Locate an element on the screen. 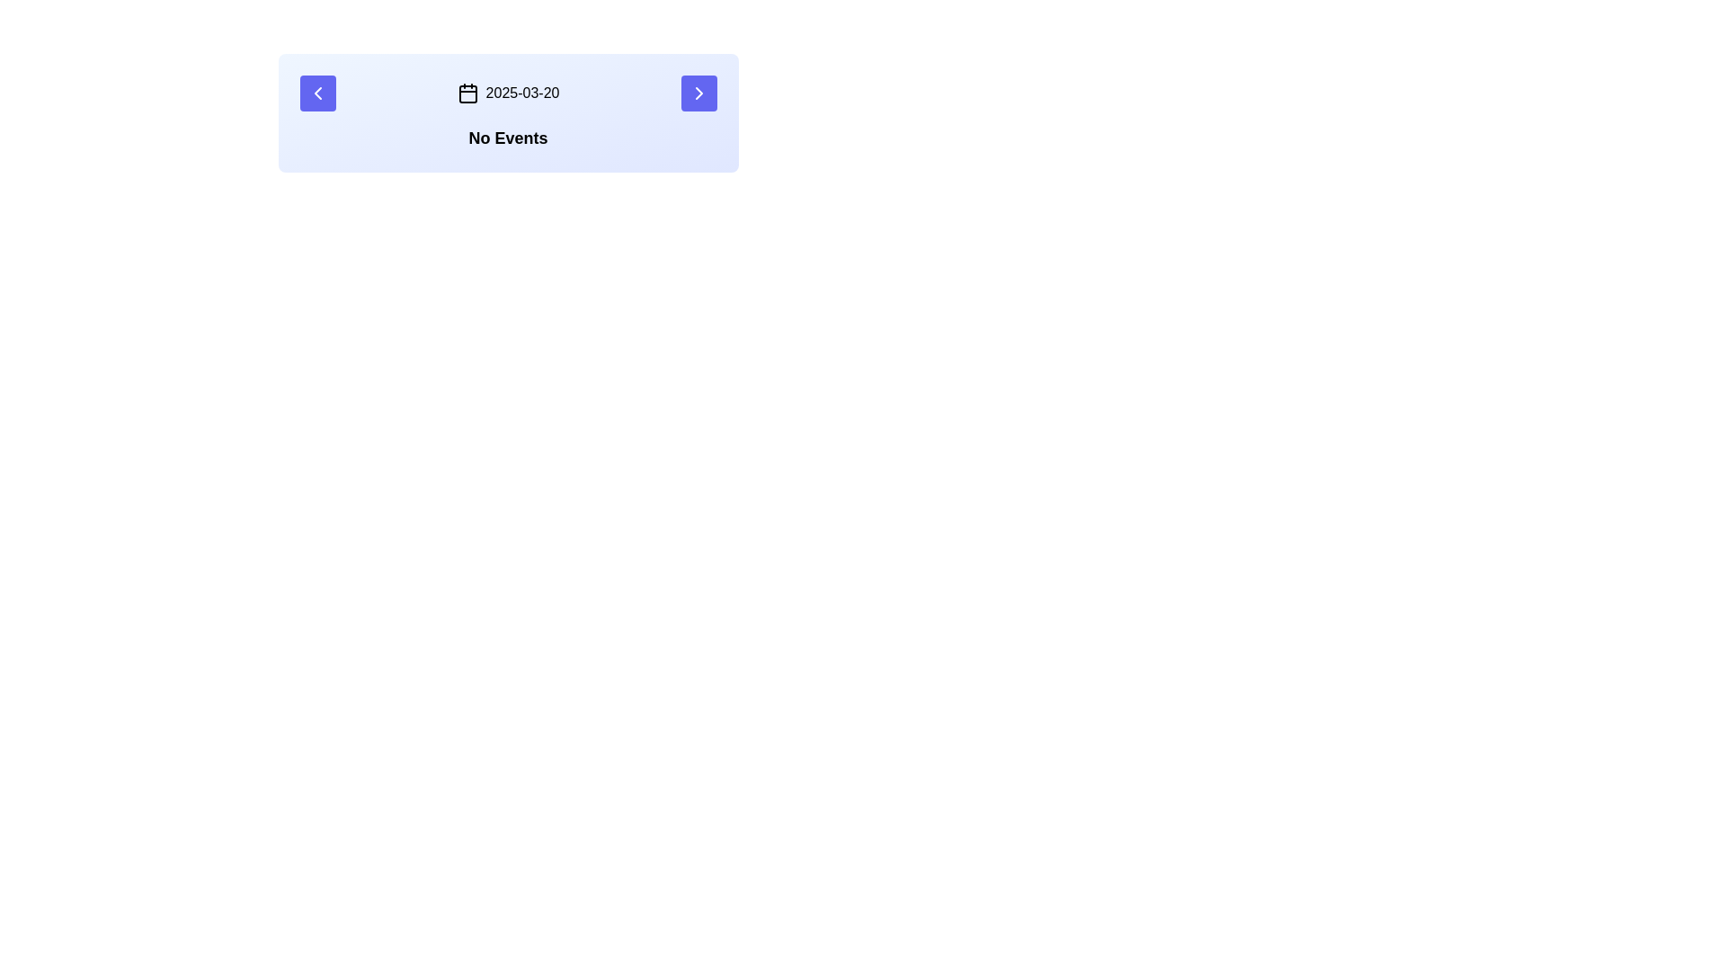 Image resolution: width=1726 pixels, height=971 pixels. text displayed in the text field showing the date '2025-03-20', which is positioned between a calendar icon and a navigational button with a chevron is located at coordinates (507, 94).